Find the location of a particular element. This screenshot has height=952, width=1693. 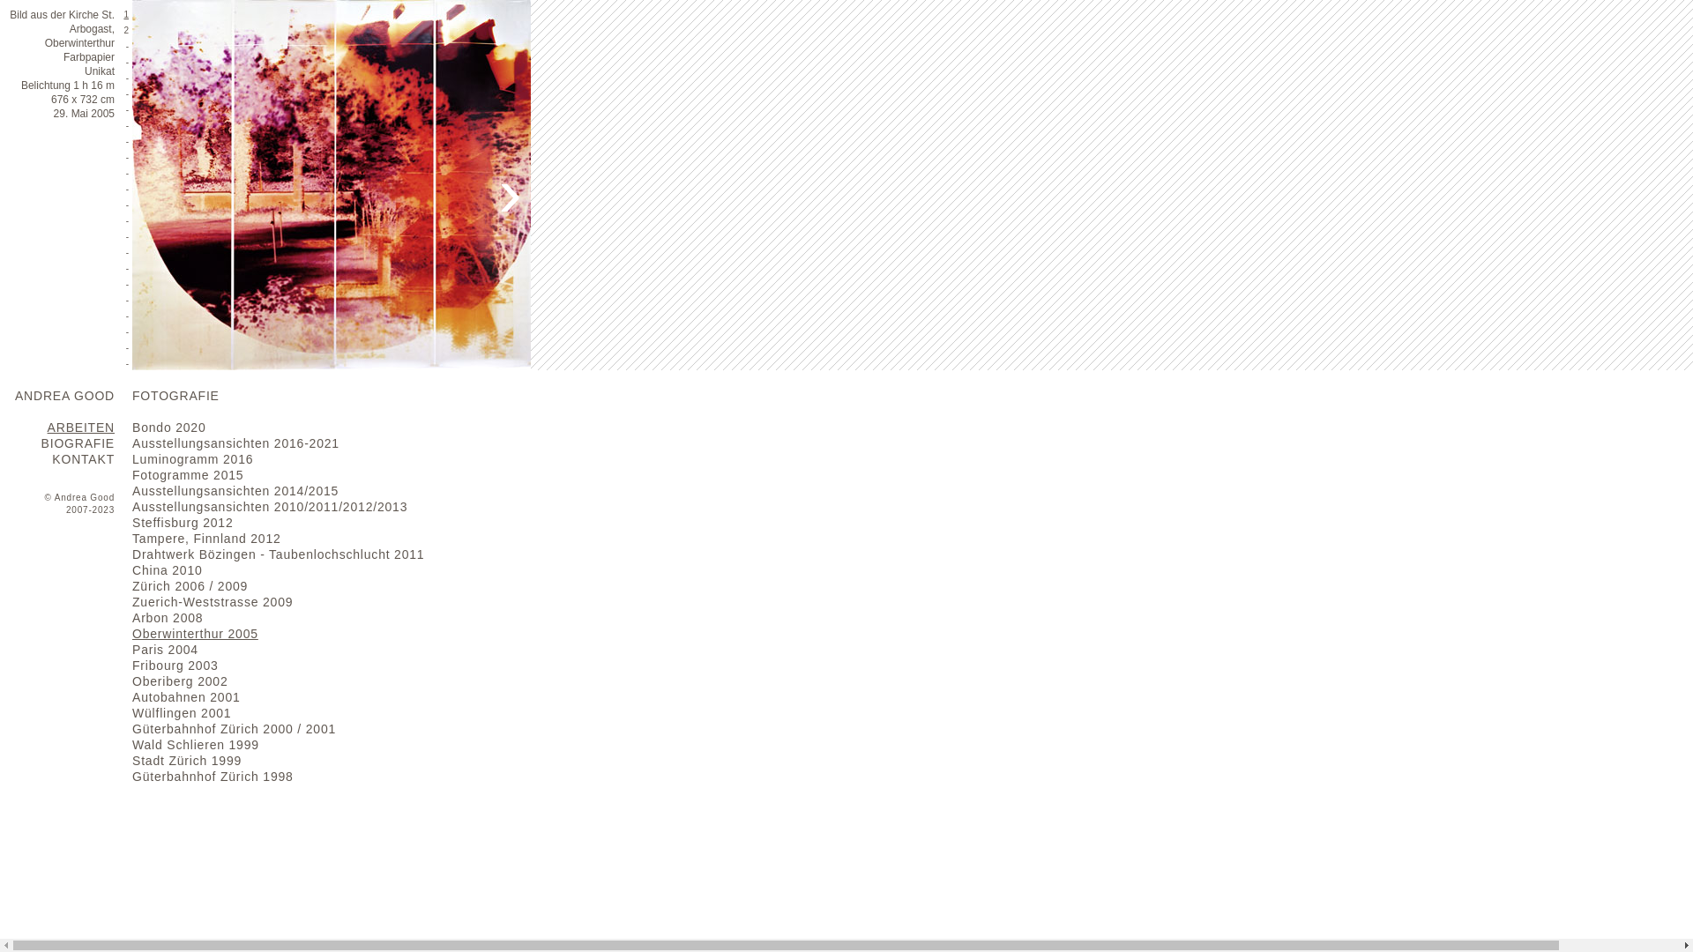

'Paris 2004' is located at coordinates (165, 649).